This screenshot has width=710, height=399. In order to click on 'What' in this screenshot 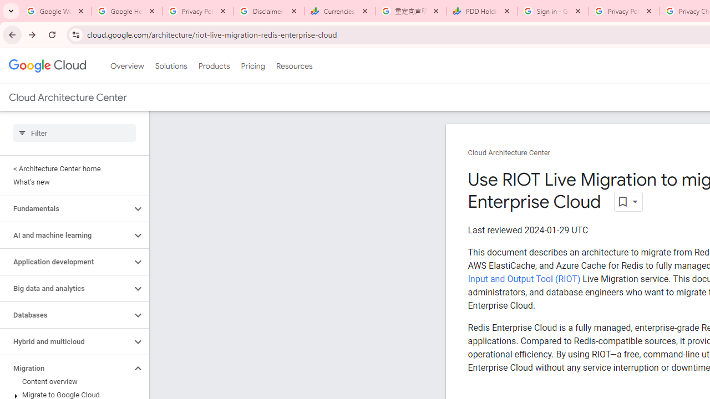, I will do `click(72, 182)`.